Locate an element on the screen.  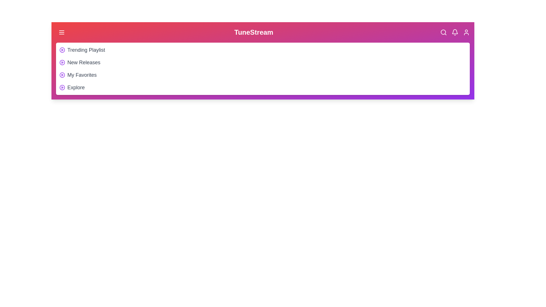
the playlist item Trending Playlist is located at coordinates (86, 50).